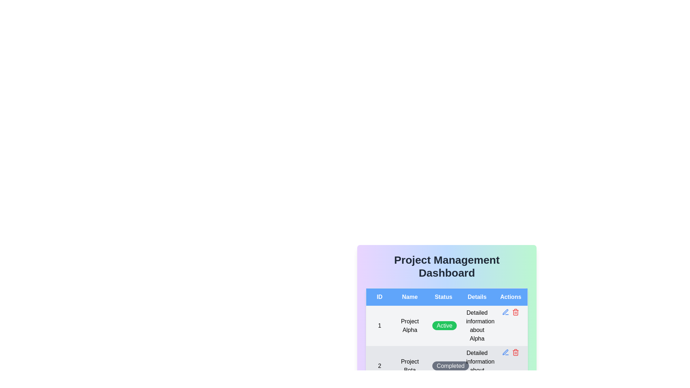  I want to click on the 'Active' status badge displayed in white text on a green, rounded rectangle background, located in the 'Status' column of the top row in the Project Management Dashboard table, so click(444, 325).